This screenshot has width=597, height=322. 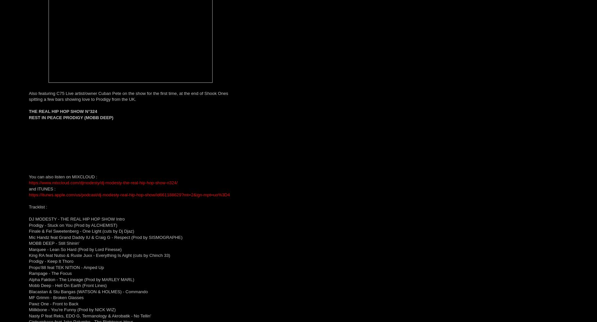 What do you see at coordinates (29, 225) in the screenshot?
I see `'Prodigy - Stuck on You (Prod by ALCHEMIST)'` at bounding box center [29, 225].